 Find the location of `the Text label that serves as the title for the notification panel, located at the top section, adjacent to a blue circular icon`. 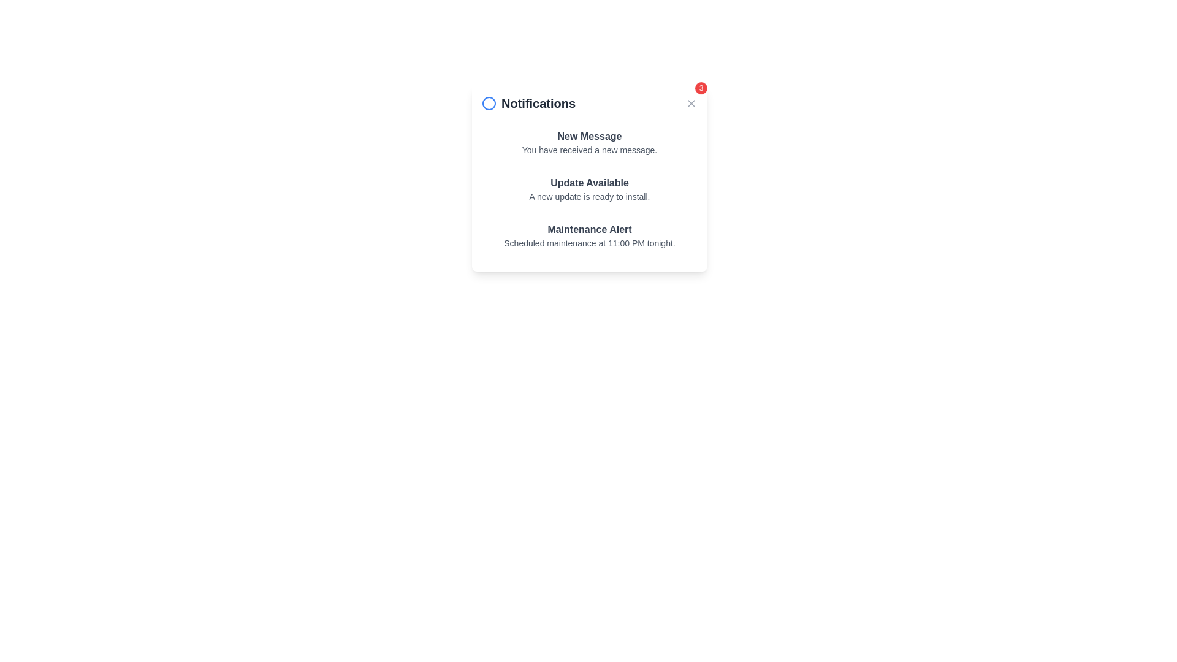

the Text label that serves as the title for the notification panel, located at the top section, adjacent to a blue circular icon is located at coordinates (538, 103).